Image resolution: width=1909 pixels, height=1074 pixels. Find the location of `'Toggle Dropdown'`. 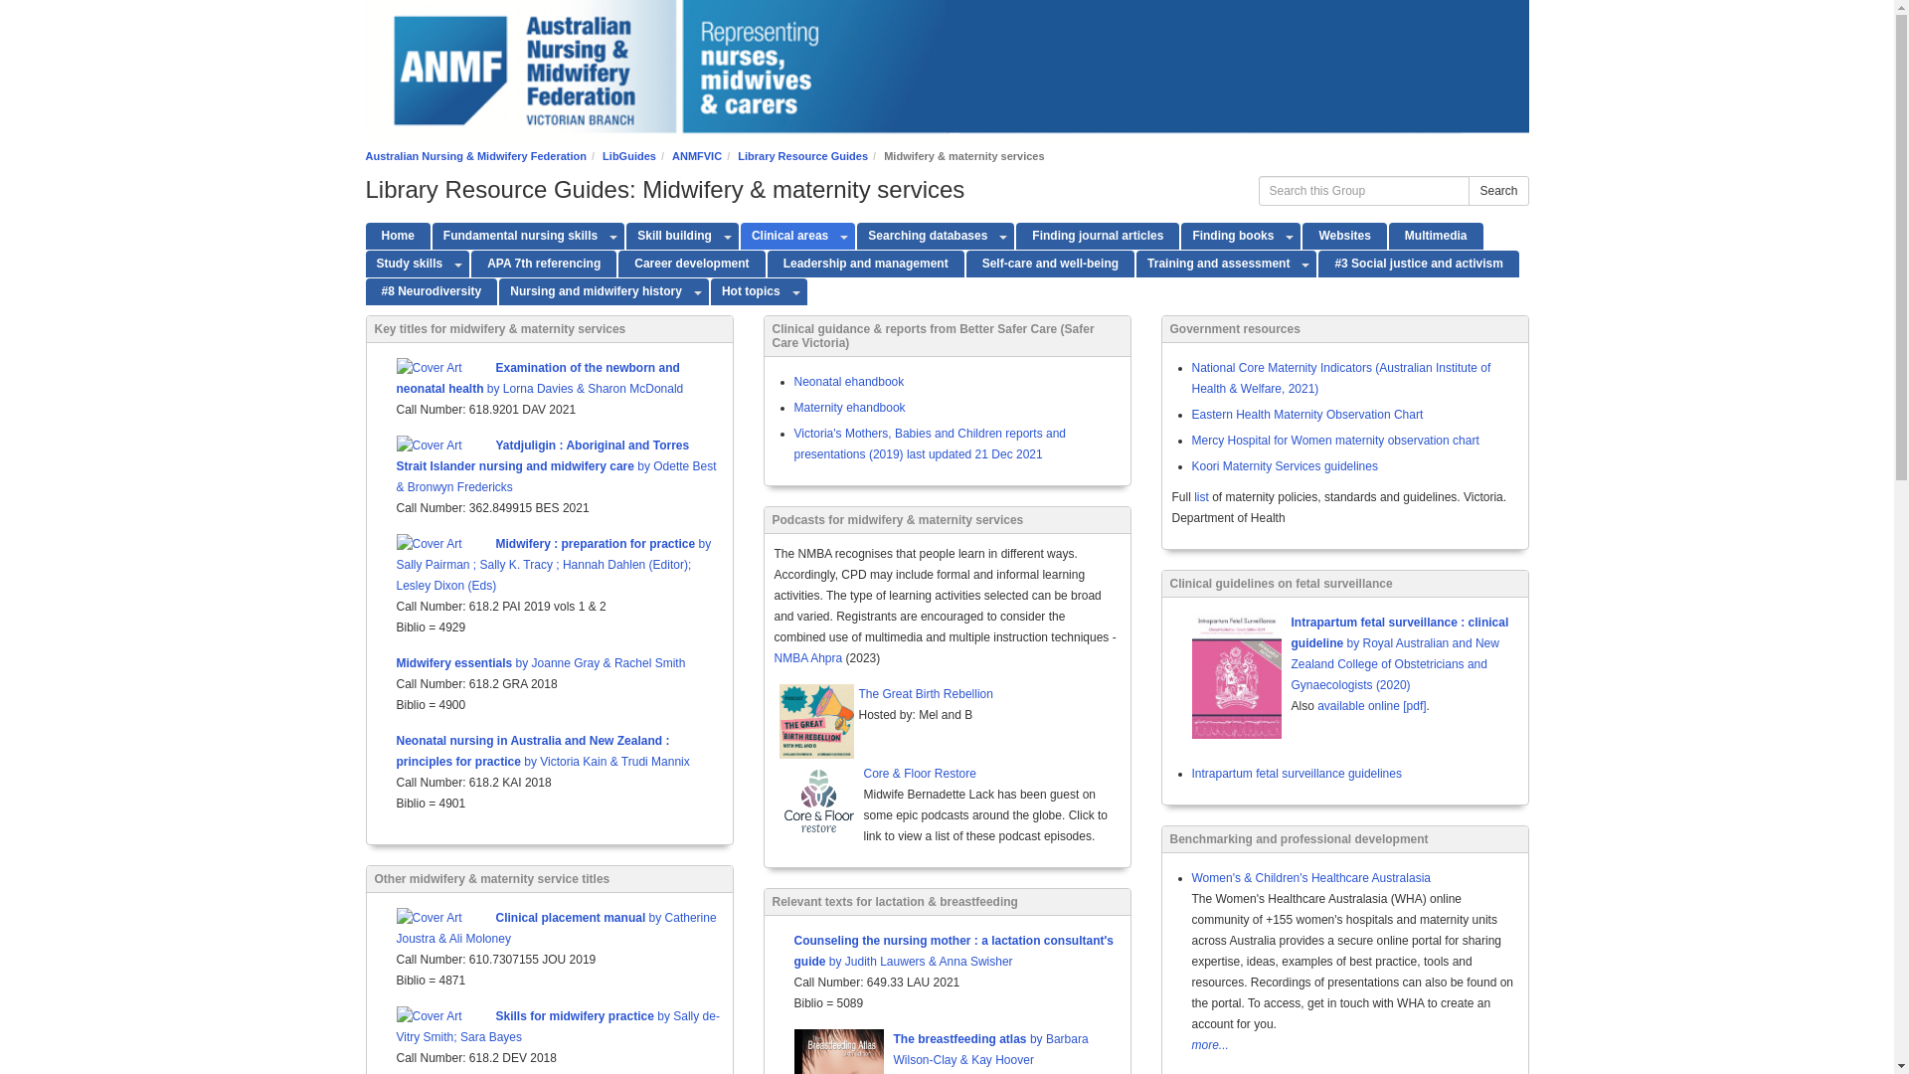

'Toggle Dropdown' is located at coordinates (727, 235).